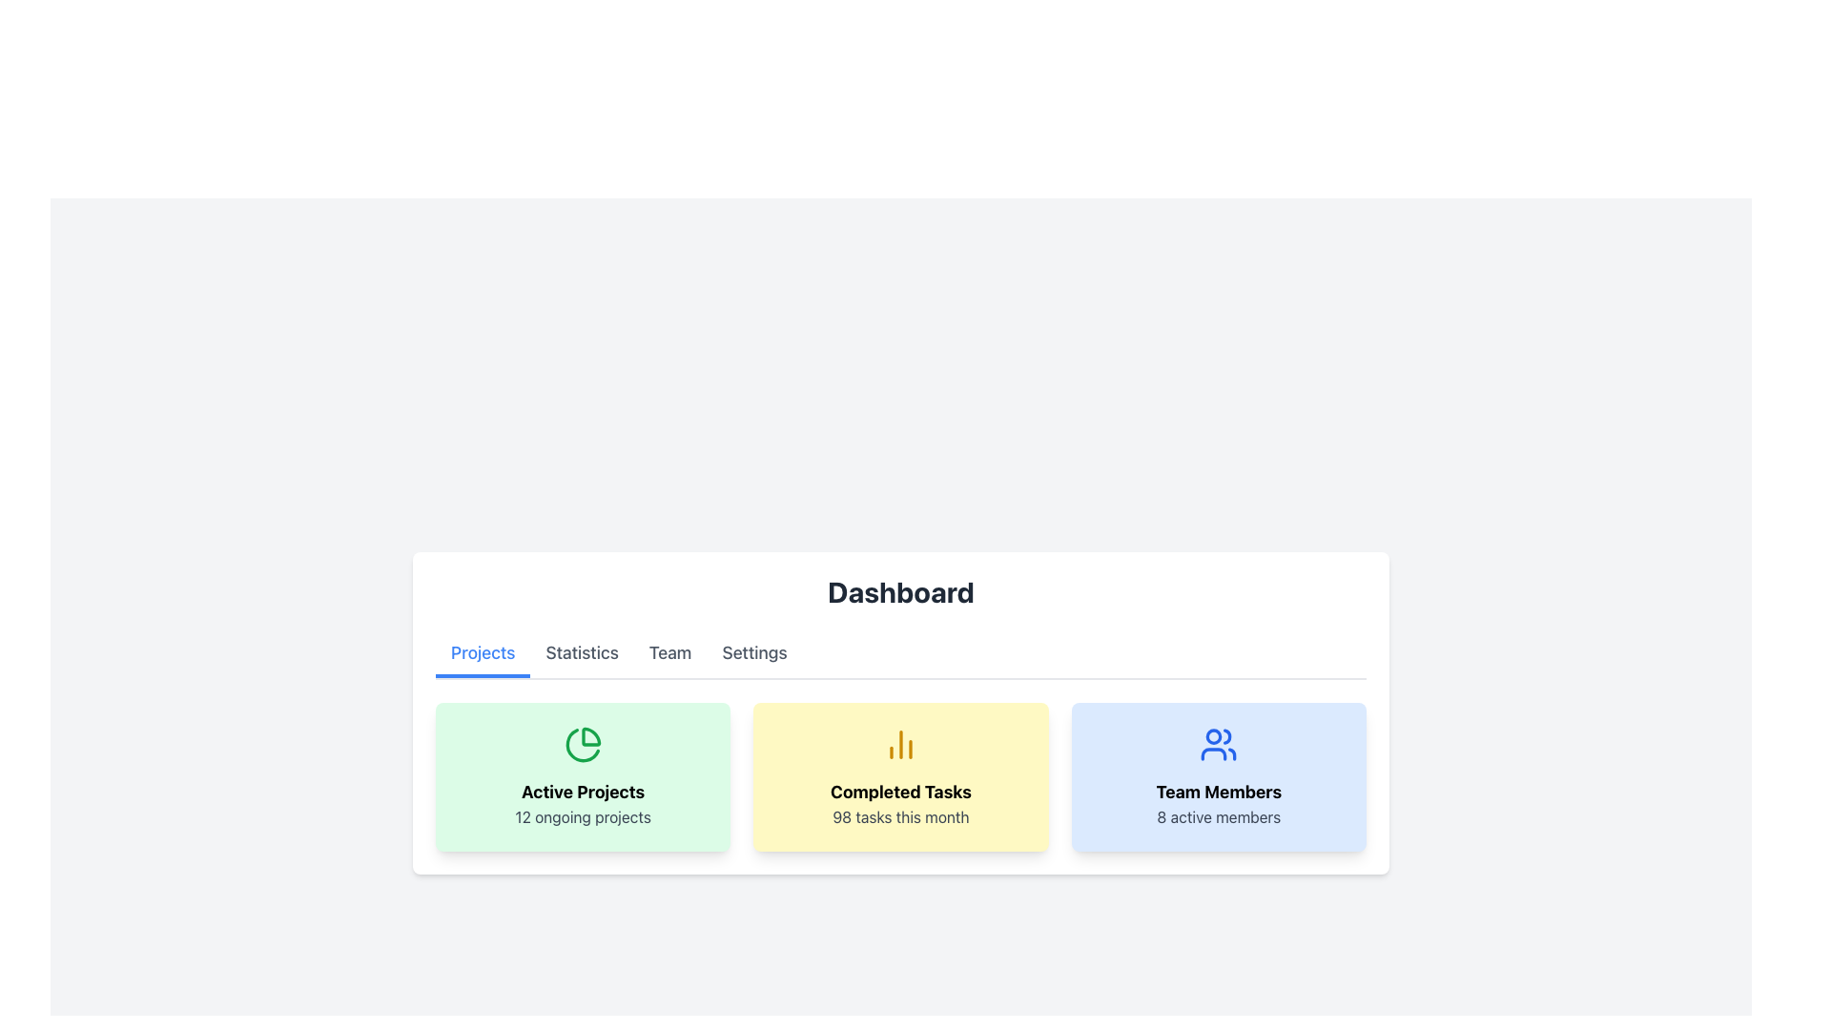 This screenshot has height=1030, width=1831. I want to click on the bar chart icon, which is golden yellow and located above the text 'Completed Tasks' in the second card of the dashboard, so click(900, 743).